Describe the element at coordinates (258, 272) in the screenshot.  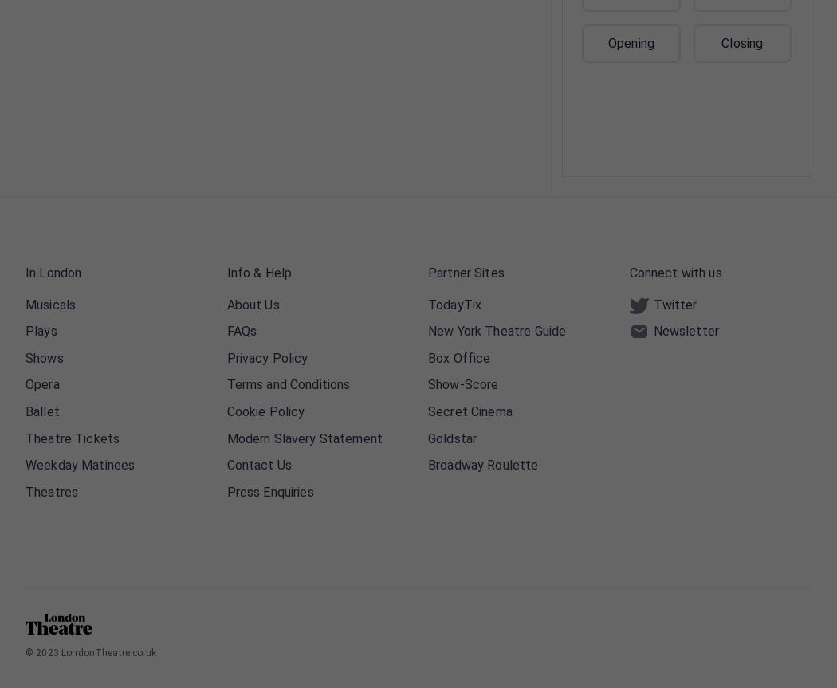
I see `'Info & Help'` at that location.